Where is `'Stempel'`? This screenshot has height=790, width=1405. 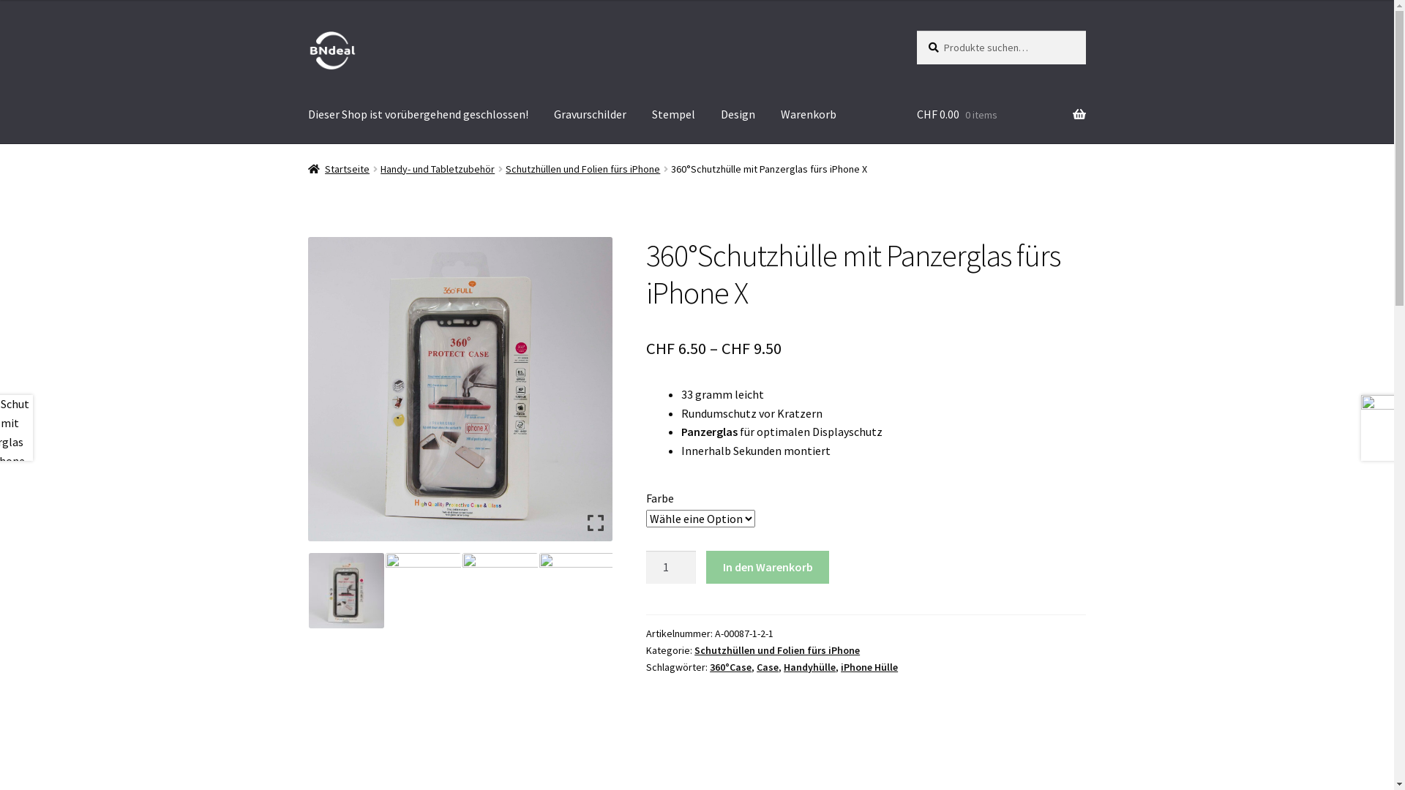
'Stempel' is located at coordinates (672, 114).